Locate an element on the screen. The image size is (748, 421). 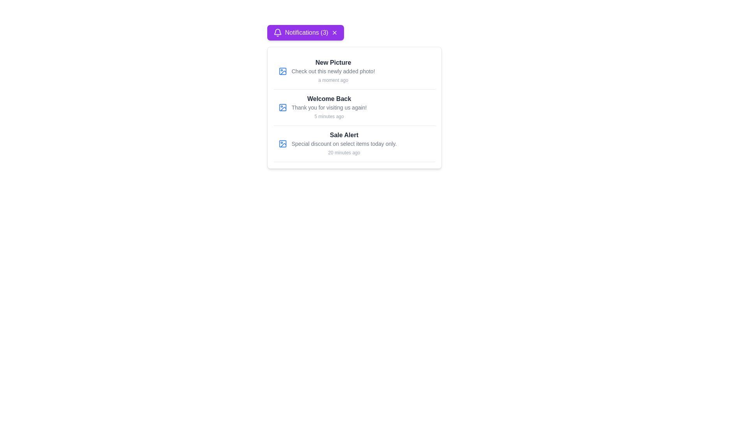
the bell icon on the left side of the 'Notifications (3)' button within the purple header of the notification panel is located at coordinates (277, 32).